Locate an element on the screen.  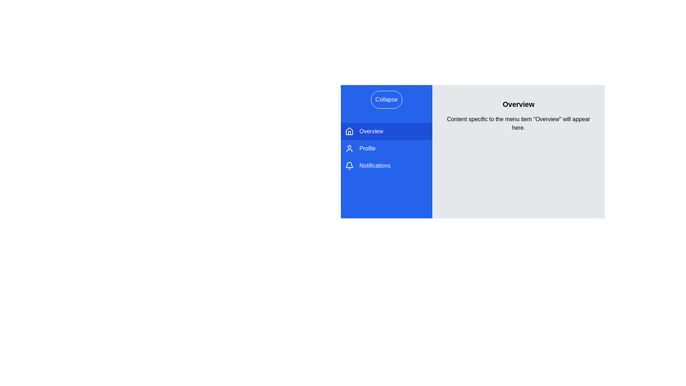
the navigation item in the vertical menu which includes 'Overview', 'Profile', and 'Notifications' is located at coordinates (386, 148).